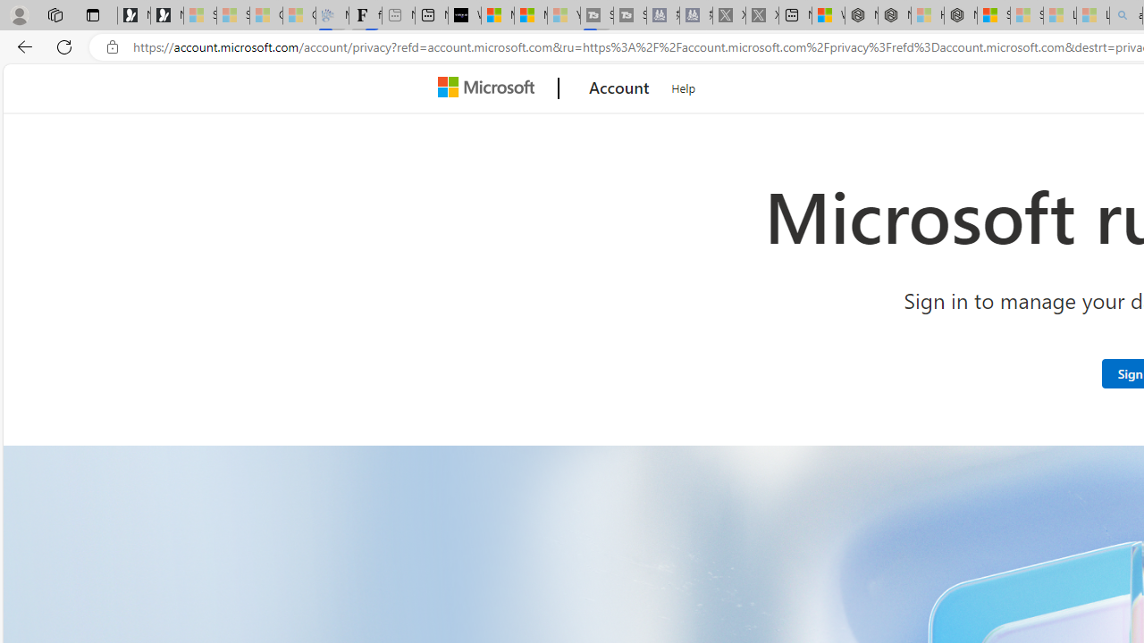  I want to click on 'Personal Profile', so click(19, 14).